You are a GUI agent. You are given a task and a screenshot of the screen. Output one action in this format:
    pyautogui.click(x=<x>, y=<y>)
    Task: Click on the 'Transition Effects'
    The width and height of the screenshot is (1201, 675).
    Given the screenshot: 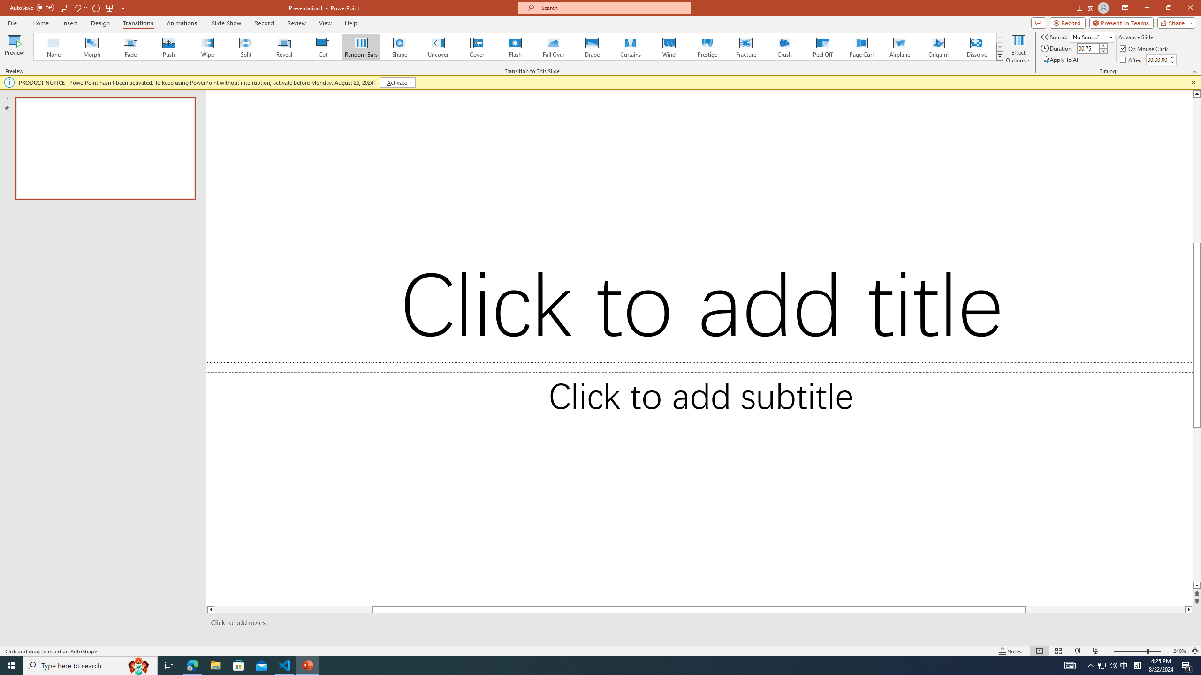 What is the action you would take?
    pyautogui.click(x=1000, y=55)
    